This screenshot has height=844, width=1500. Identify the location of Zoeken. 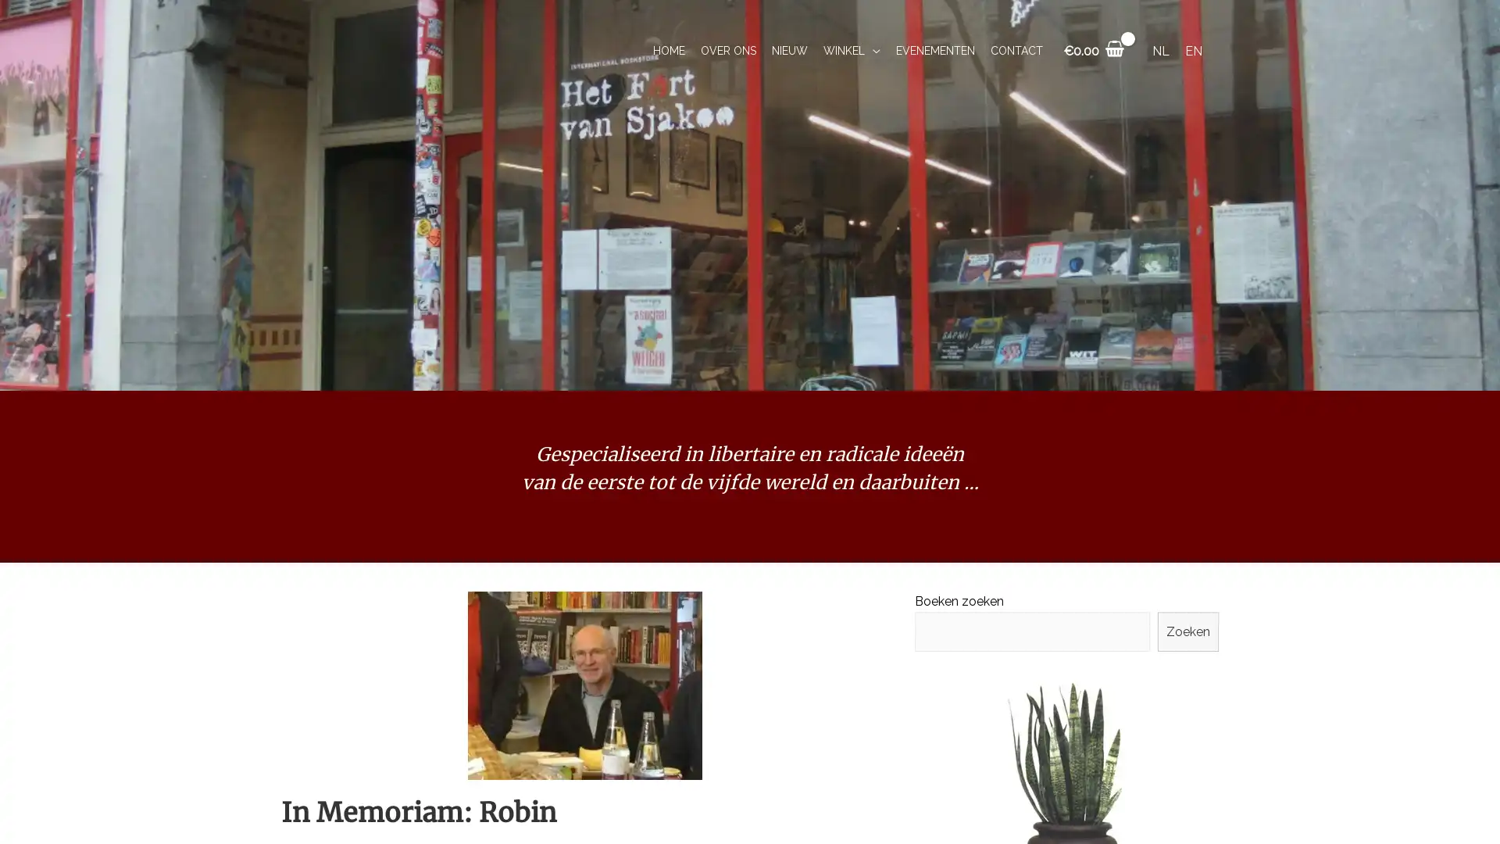
(1187, 630).